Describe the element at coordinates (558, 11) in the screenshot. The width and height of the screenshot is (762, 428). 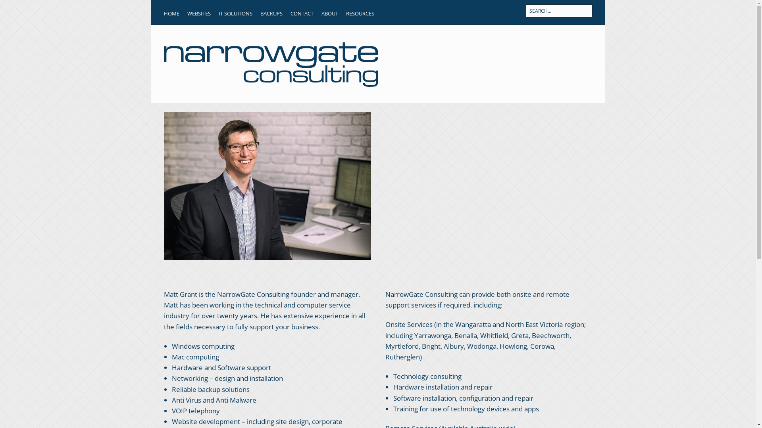
I see `'Press Enter to submit your search'` at that location.